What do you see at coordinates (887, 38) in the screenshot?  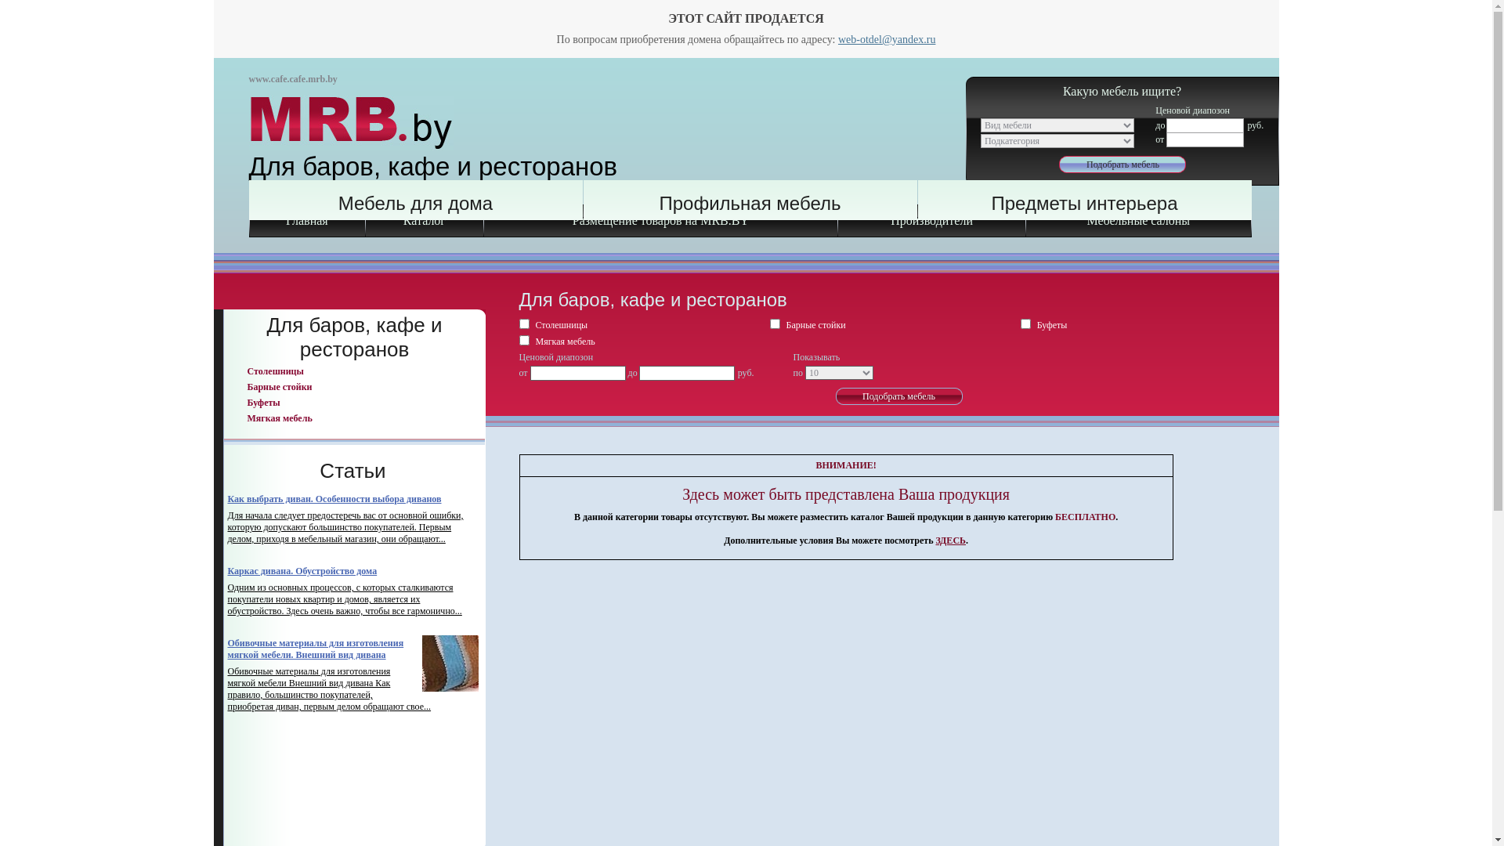 I see `'web-otdel@yandex.ru'` at bounding box center [887, 38].